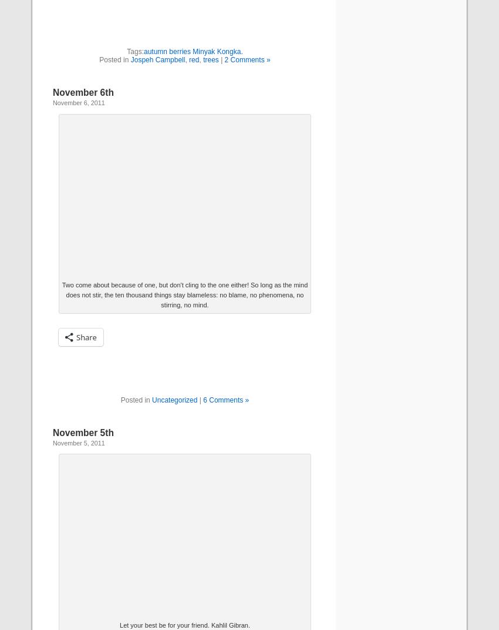 This screenshot has height=630, width=499. I want to click on 'November 6th', so click(83, 92).